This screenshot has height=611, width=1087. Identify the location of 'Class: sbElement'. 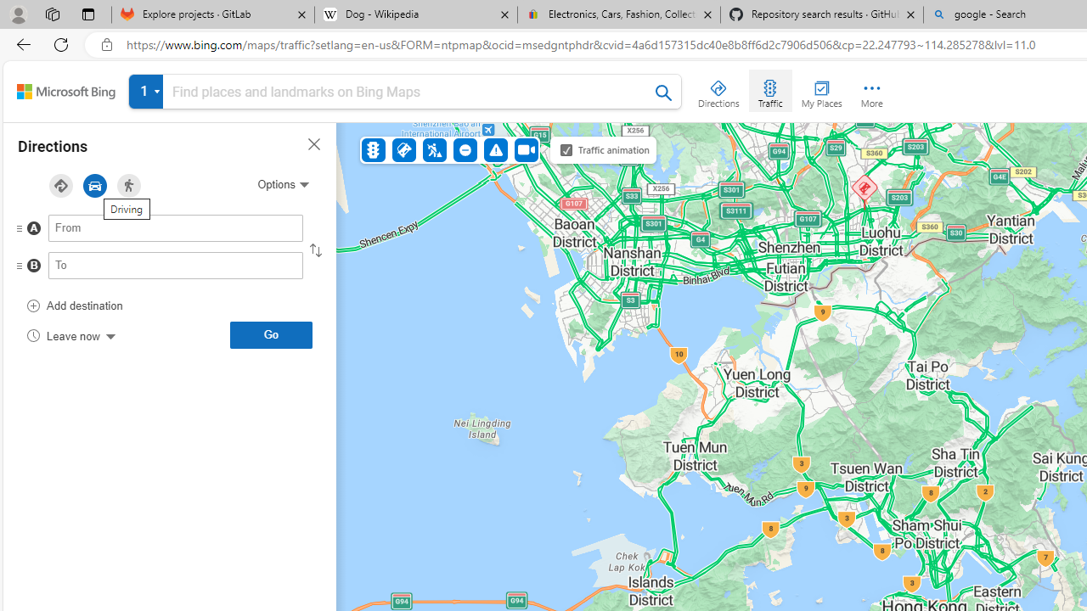
(66, 92).